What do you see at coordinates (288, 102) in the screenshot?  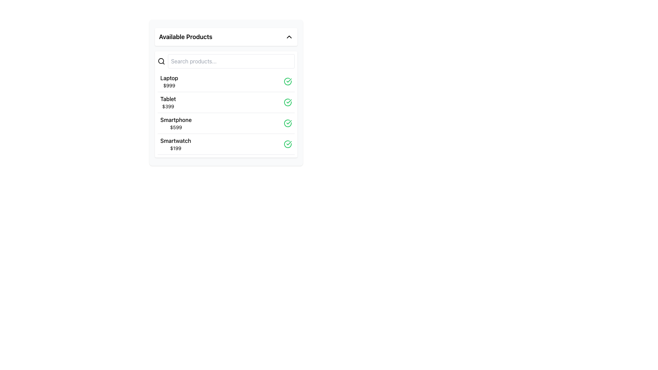 I see `the circular green confirmation icon with a checkmark inside, located at the far right side of the 'Tablet' row in the 'Available Products' section` at bounding box center [288, 102].